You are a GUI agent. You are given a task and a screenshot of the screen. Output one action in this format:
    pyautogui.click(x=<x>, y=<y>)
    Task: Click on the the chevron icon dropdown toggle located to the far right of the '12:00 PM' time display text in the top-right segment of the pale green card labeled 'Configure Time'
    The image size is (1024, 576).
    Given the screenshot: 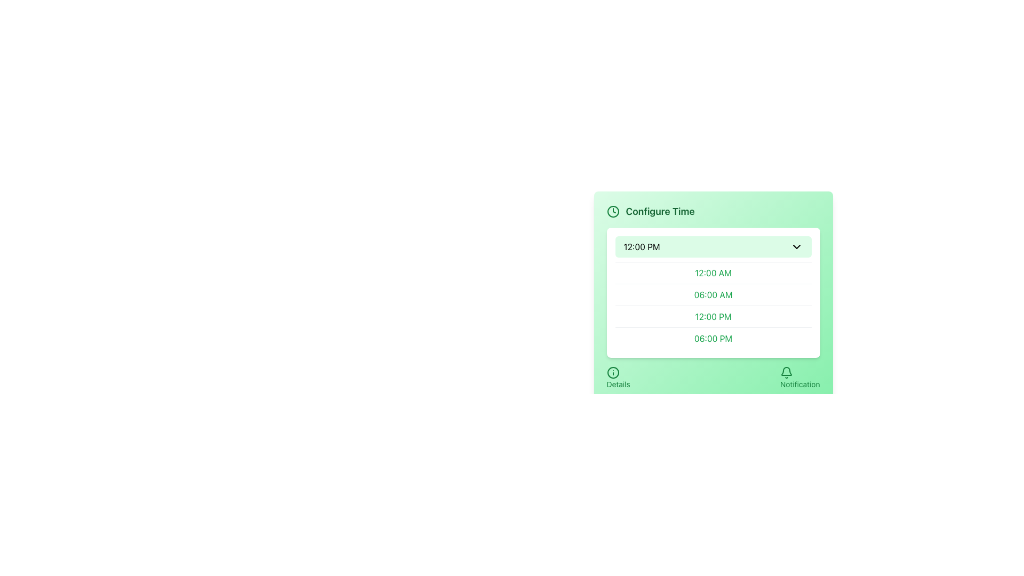 What is the action you would take?
    pyautogui.click(x=796, y=246)
    